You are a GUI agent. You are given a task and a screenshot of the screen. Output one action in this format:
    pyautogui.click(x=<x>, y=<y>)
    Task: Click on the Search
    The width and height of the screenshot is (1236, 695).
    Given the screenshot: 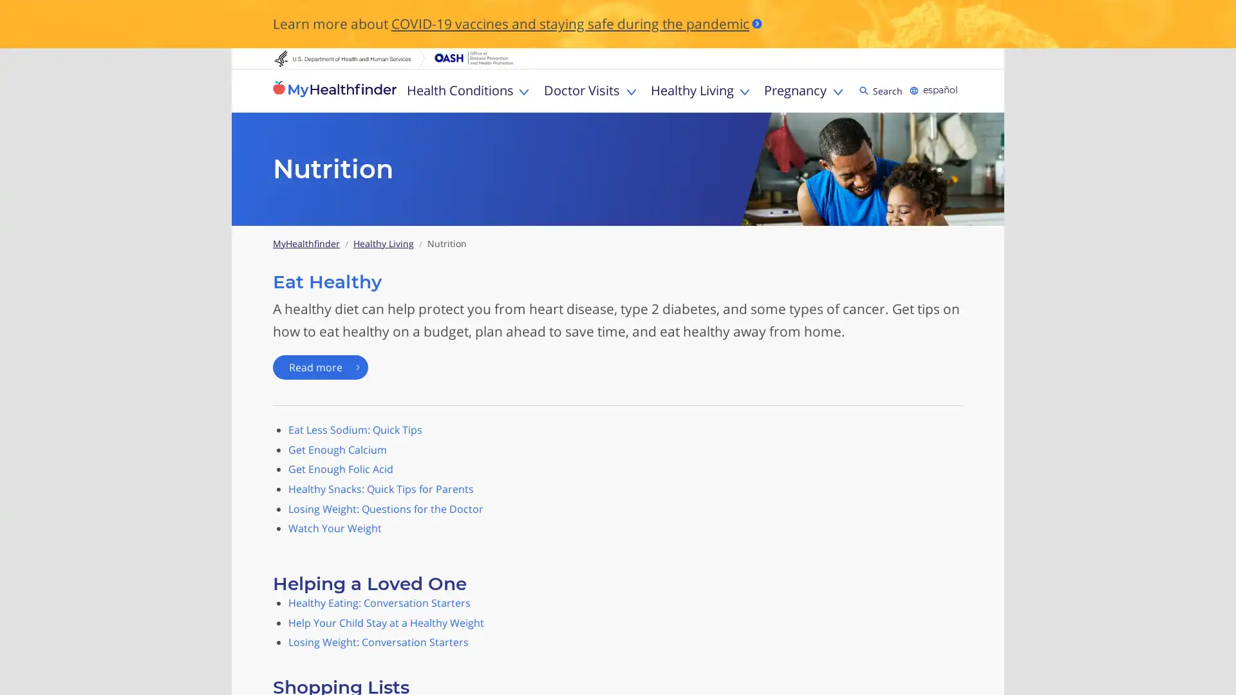 What is the action you would take?
    pyautogui.click(x=882, y=89)
    